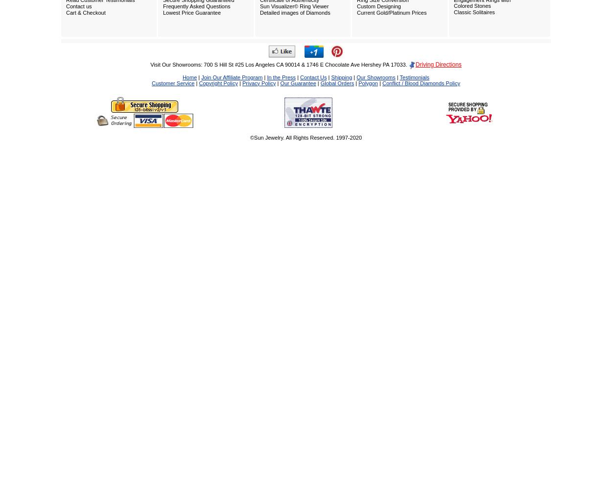  I want to click on 'Frequently Asked Questions', so click(196, 6).